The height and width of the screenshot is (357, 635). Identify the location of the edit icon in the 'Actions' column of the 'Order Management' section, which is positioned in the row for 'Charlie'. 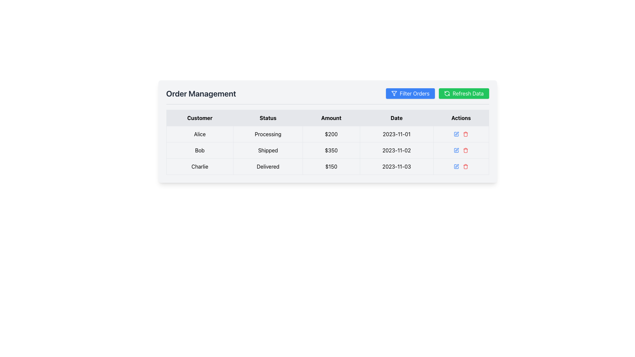
(457, 165).